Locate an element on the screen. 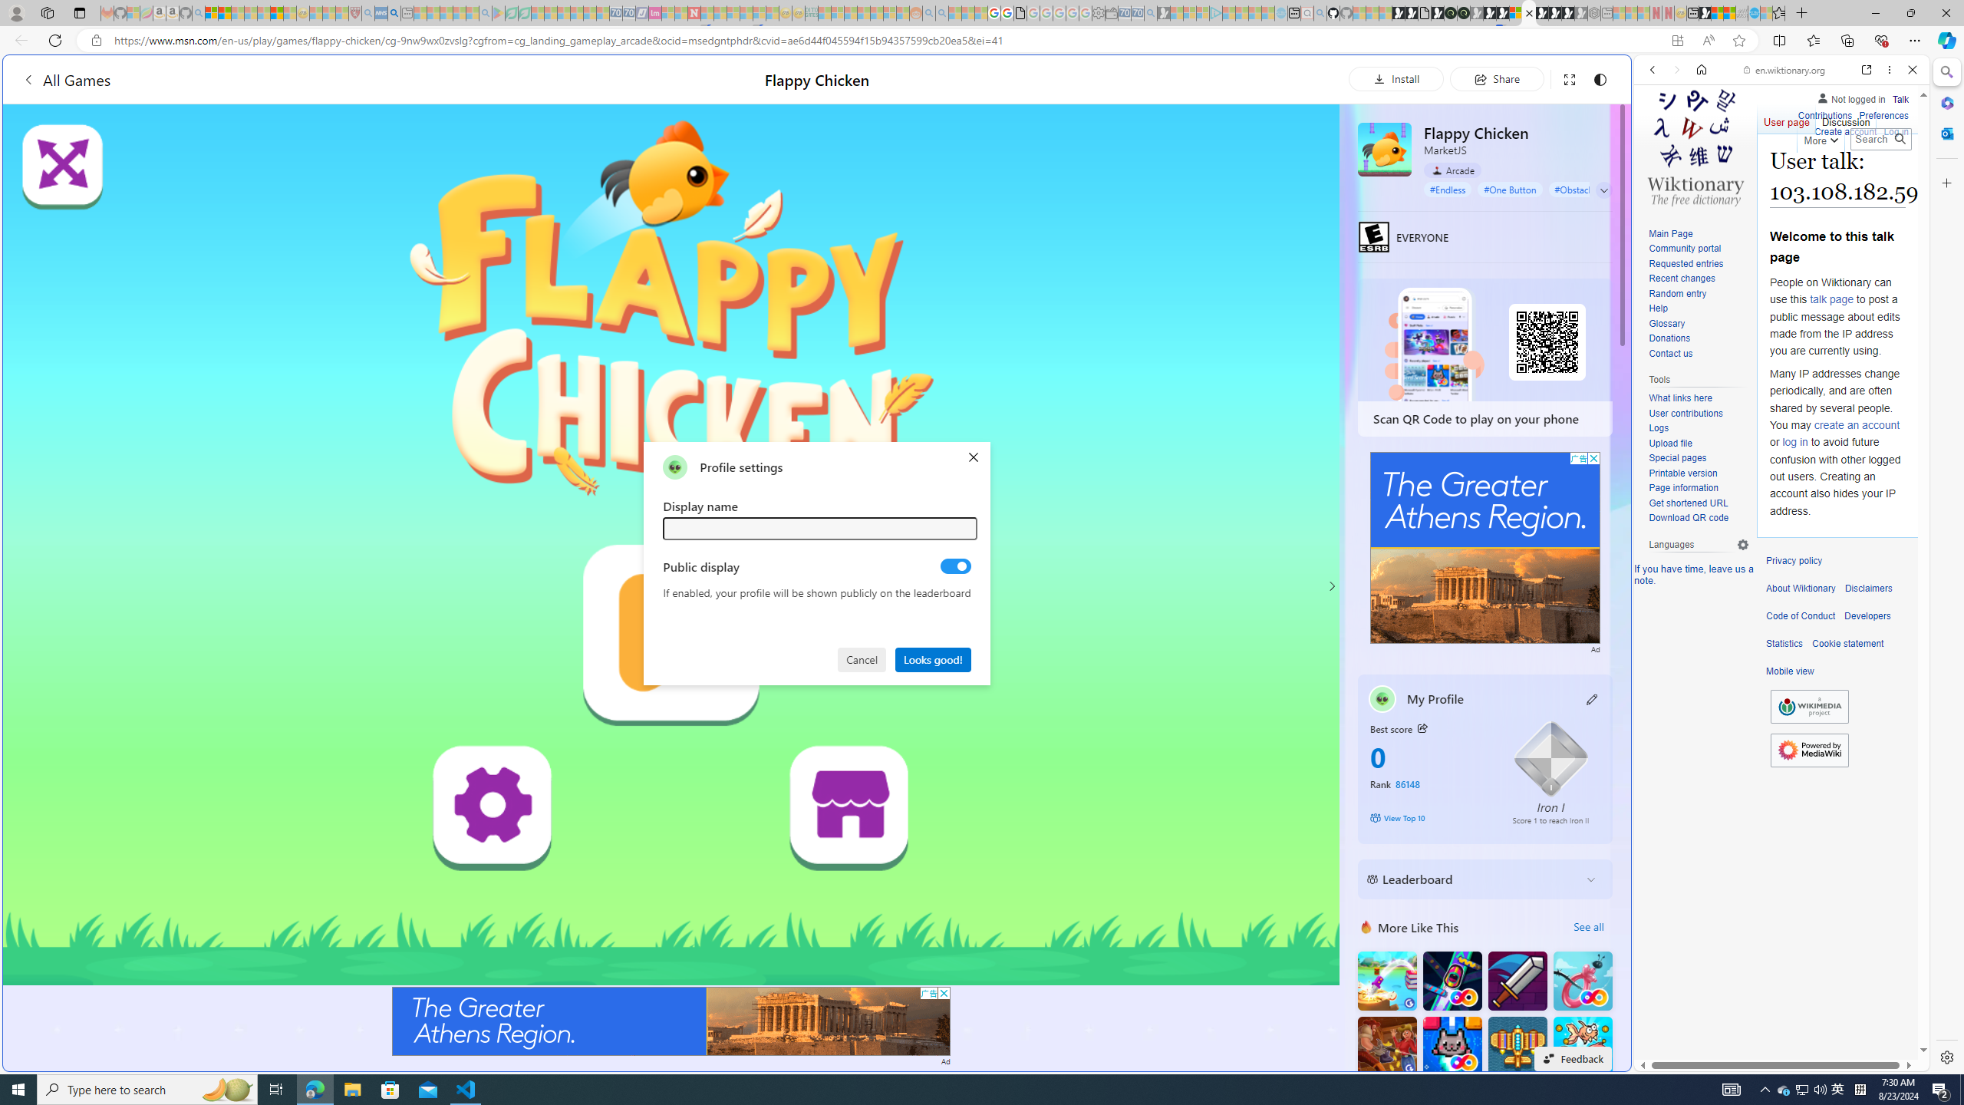  'Mobile view' is located at coordinates (1789, 671).